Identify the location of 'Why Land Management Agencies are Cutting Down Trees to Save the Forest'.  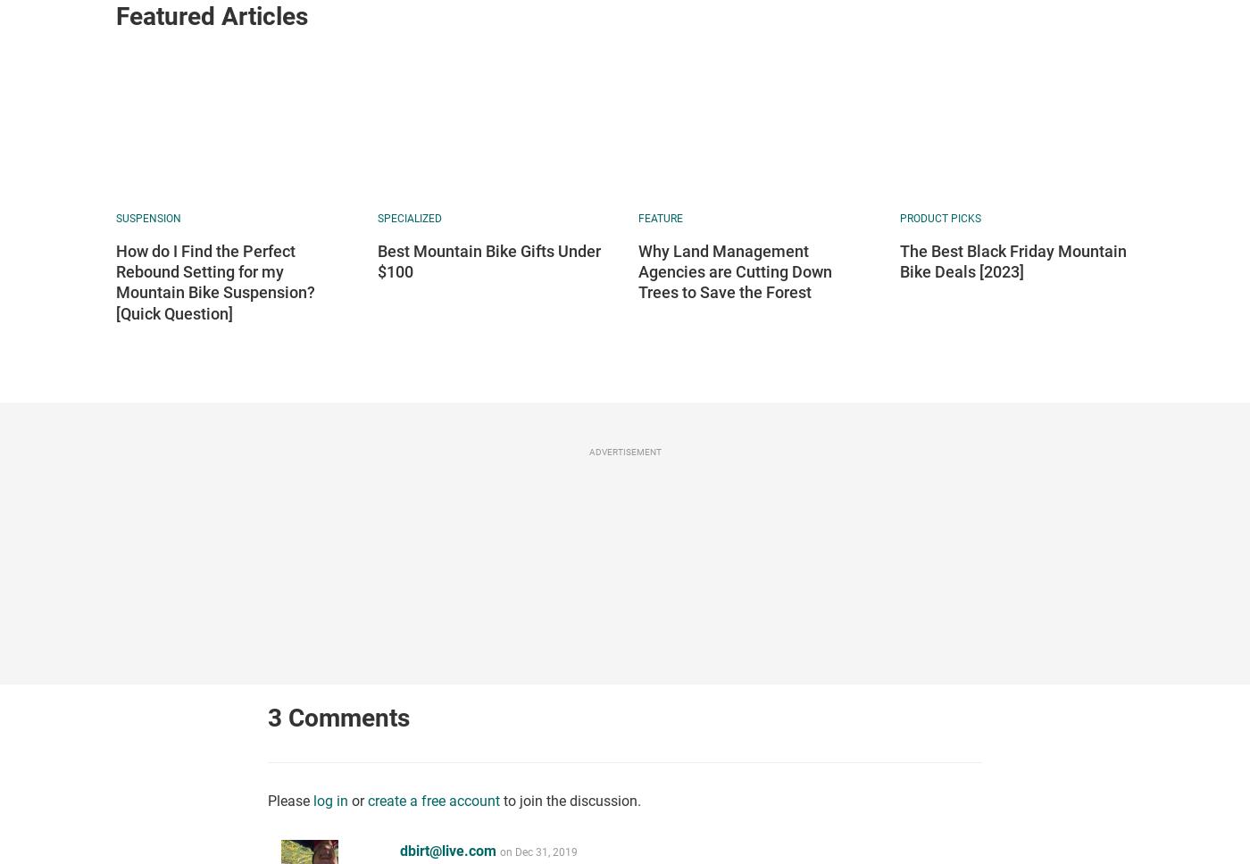
(735, 270).